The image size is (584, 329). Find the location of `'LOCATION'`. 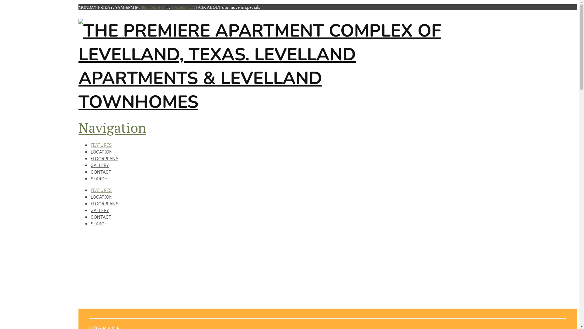

'LOCATION' is located at coordinates (102, 196).